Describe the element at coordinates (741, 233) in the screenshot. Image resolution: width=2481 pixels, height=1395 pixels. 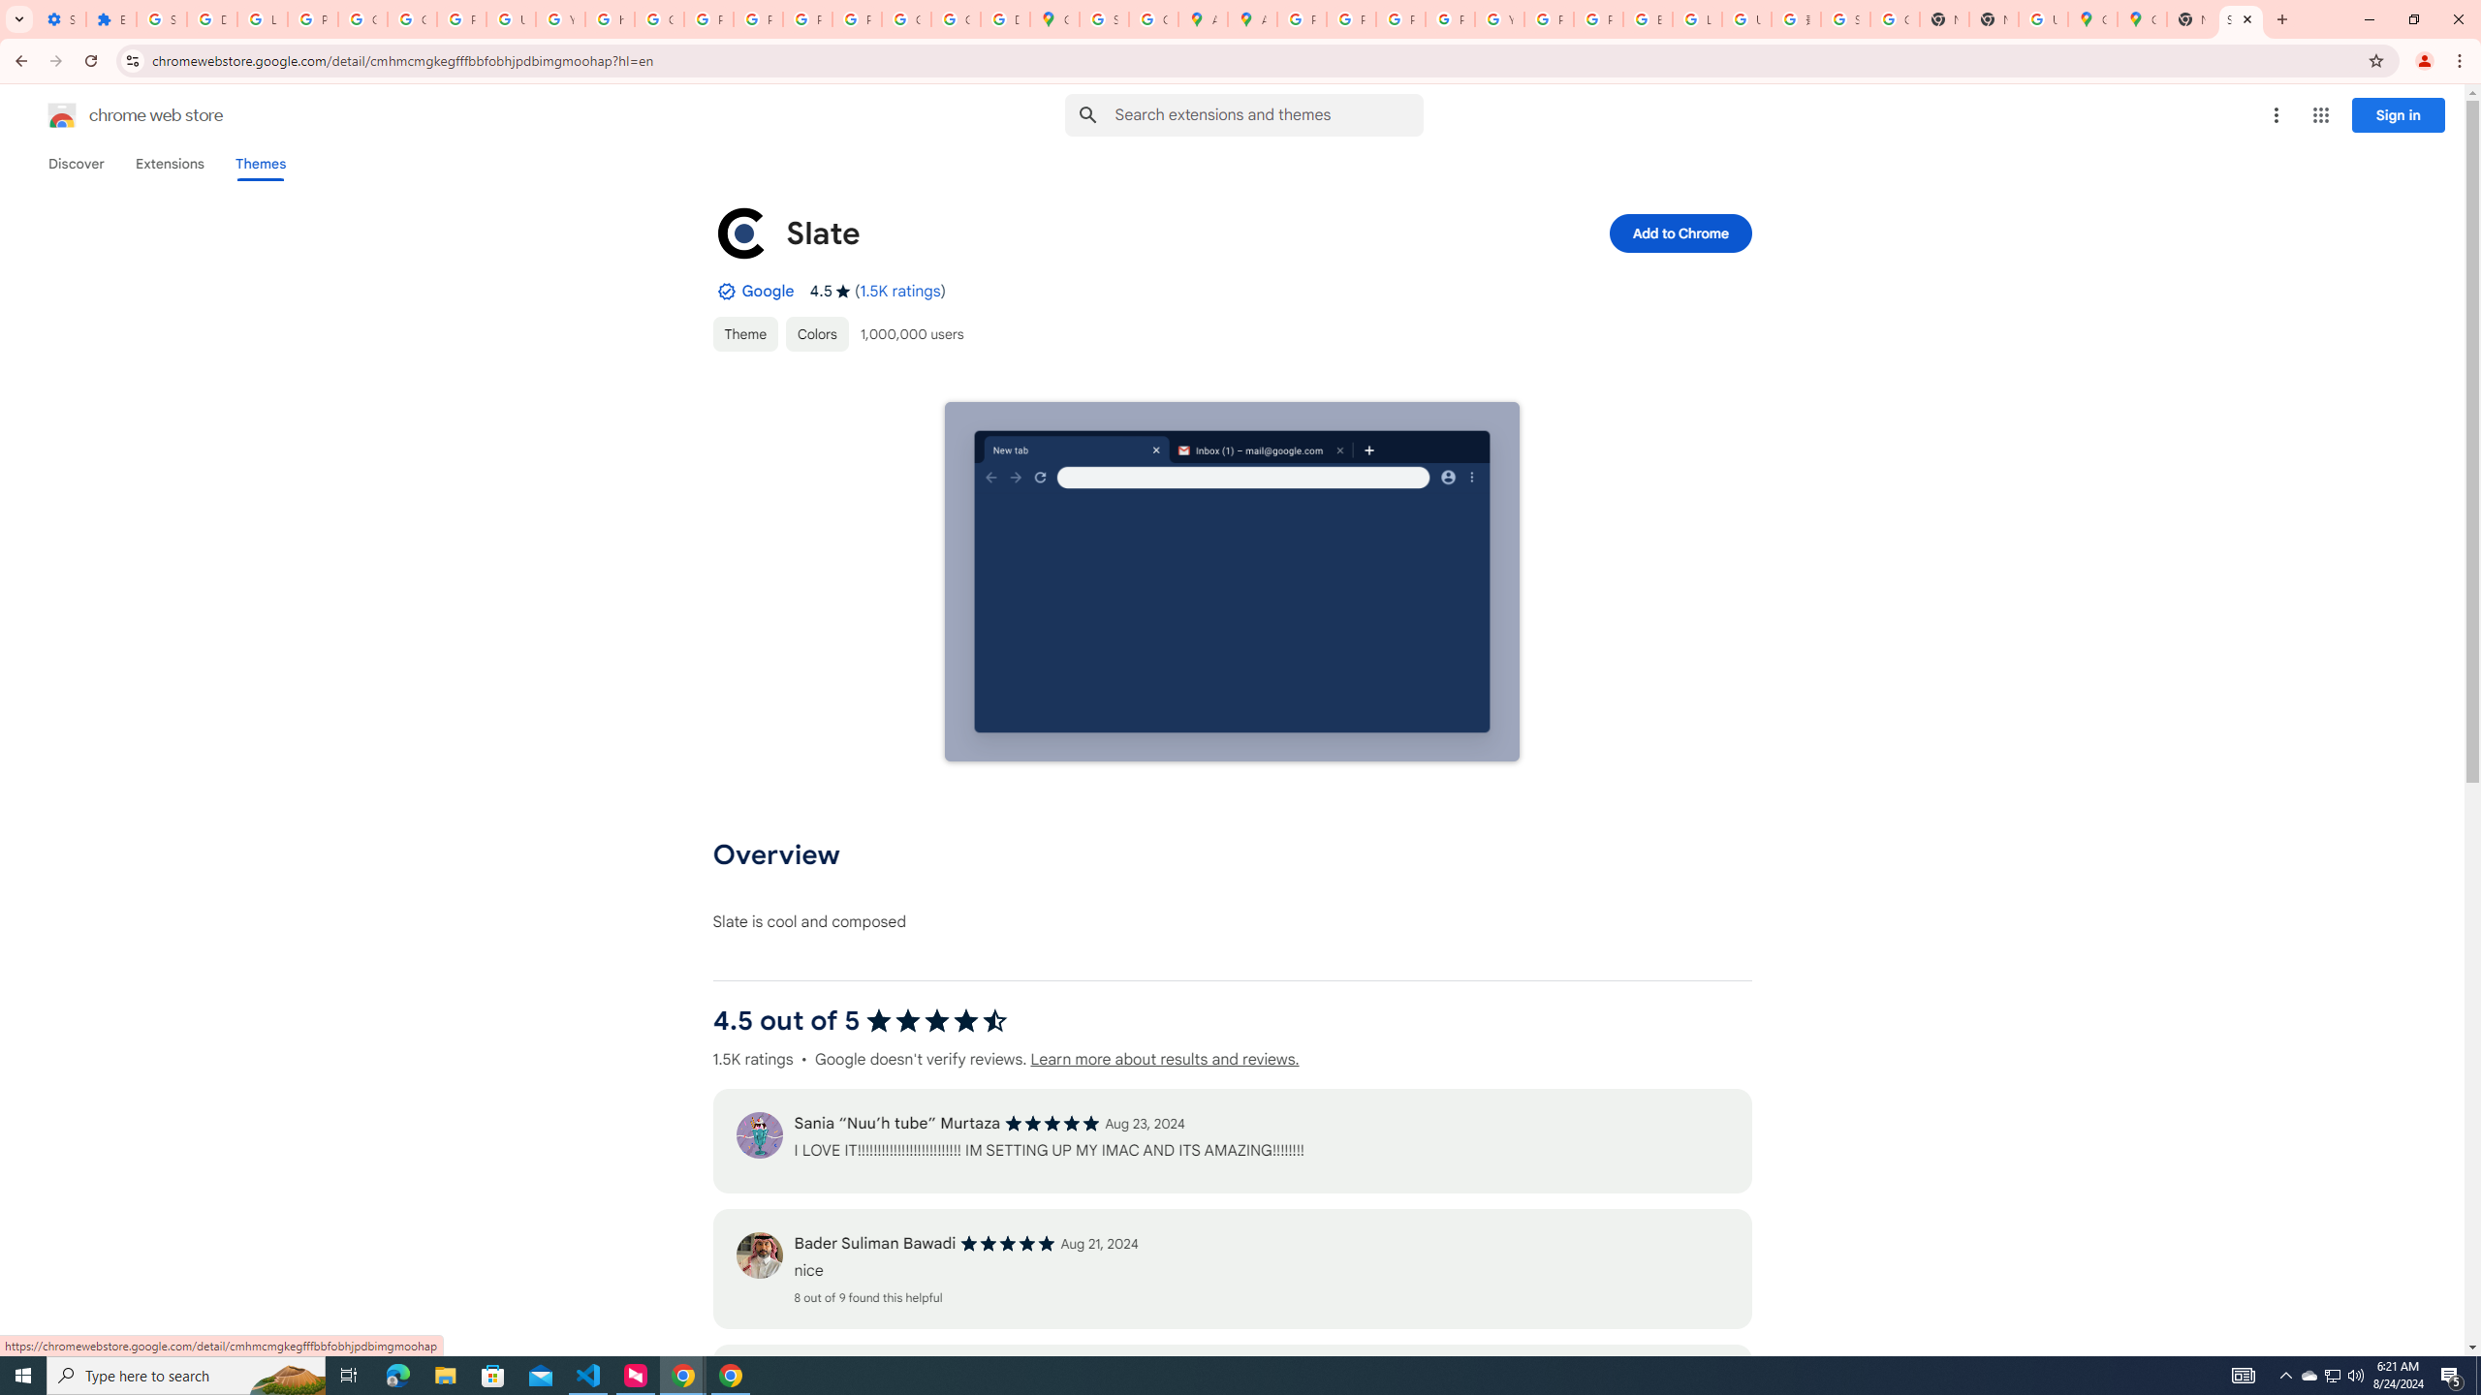
I see `'Item logo image for Slate'` at that location.